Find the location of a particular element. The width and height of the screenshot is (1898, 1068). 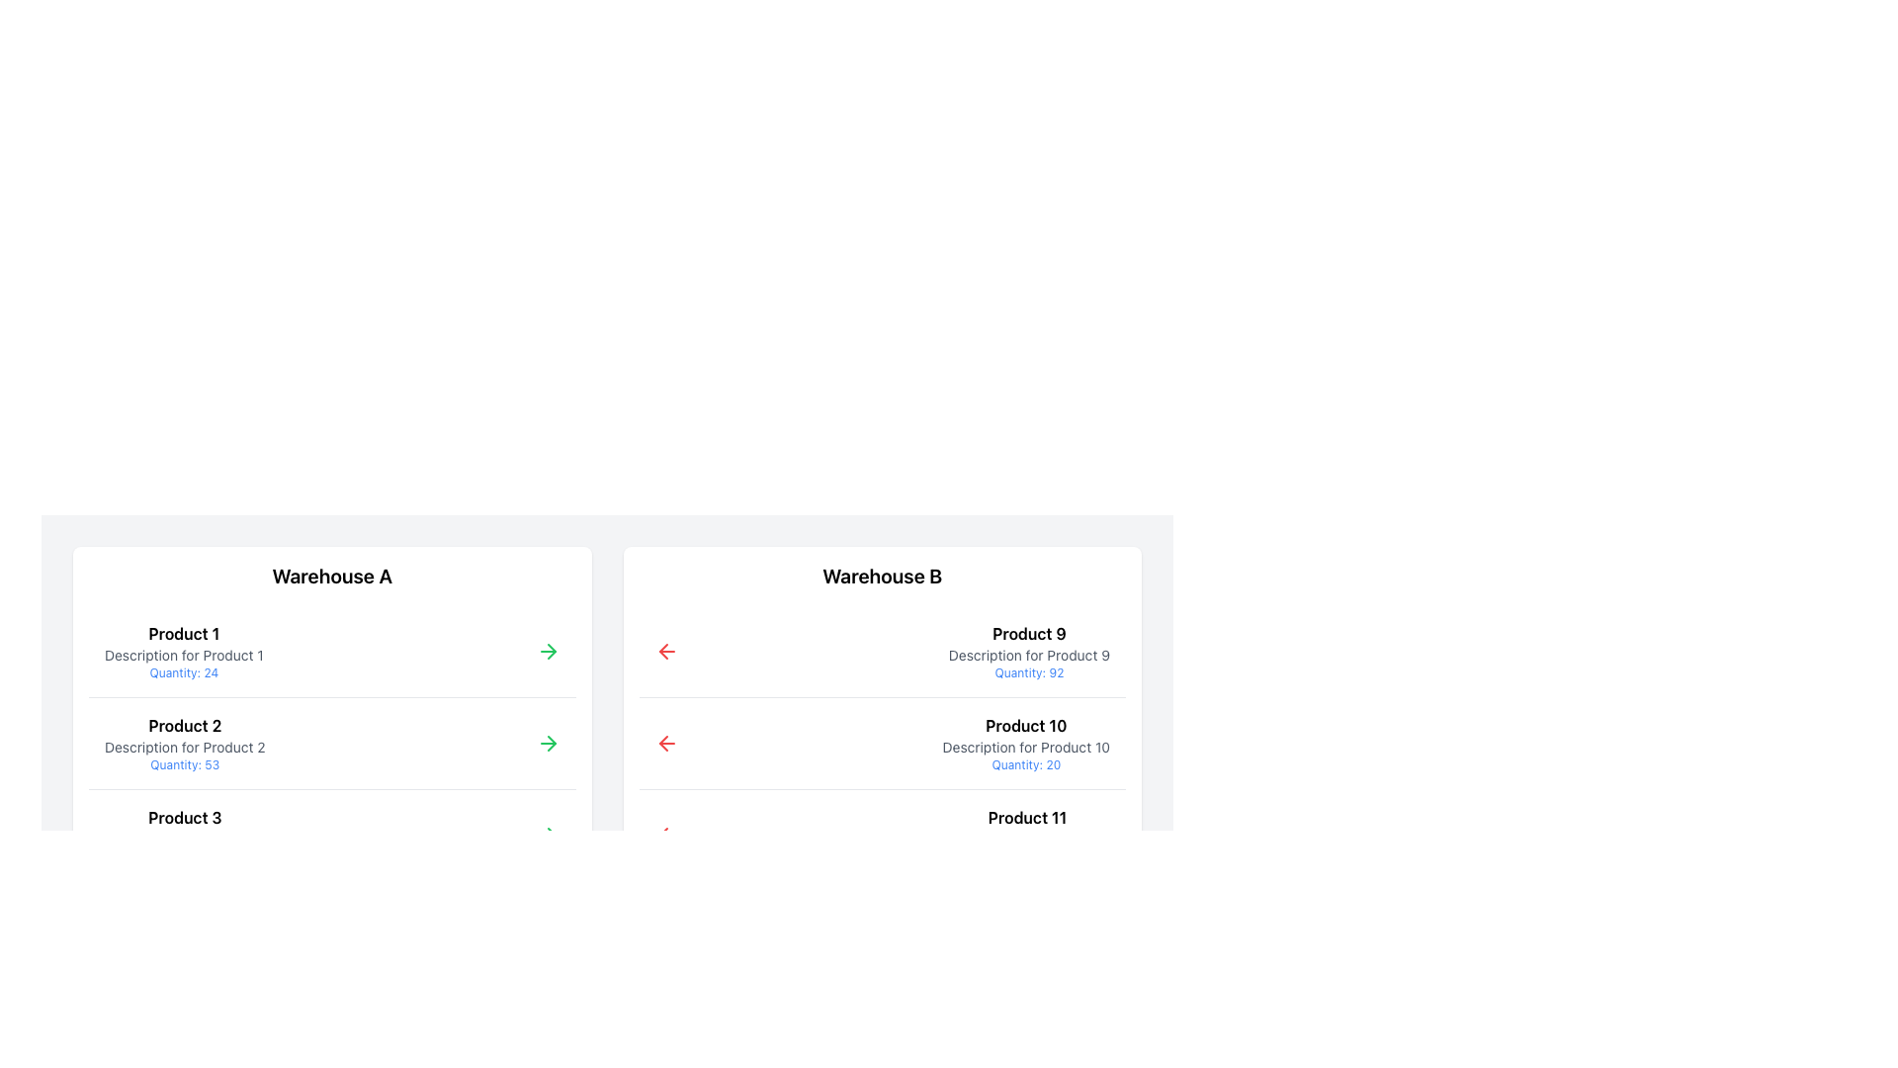

the informational text label indicating the quantity of the product available, located within the 'Product 2' group under 'Warehouse A' is located at coordinates (185, 764).